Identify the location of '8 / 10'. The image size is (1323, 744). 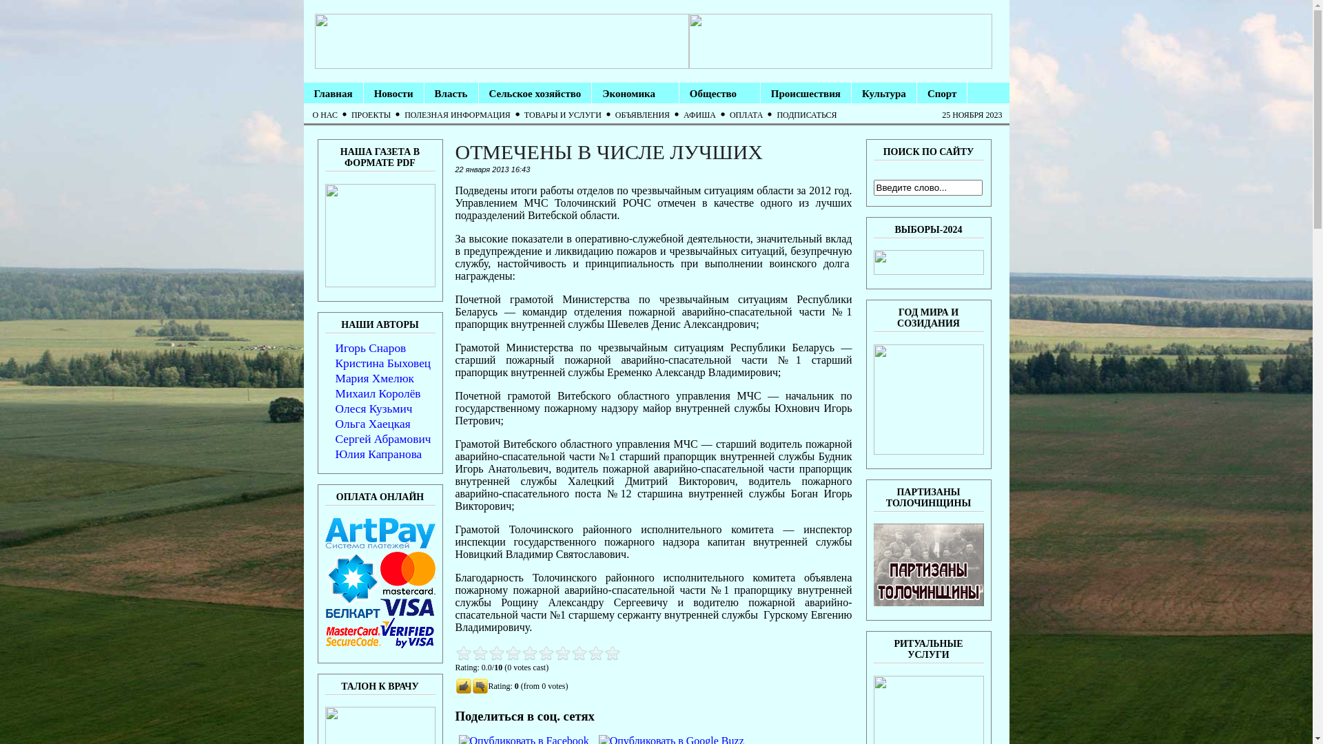
(520, 652).